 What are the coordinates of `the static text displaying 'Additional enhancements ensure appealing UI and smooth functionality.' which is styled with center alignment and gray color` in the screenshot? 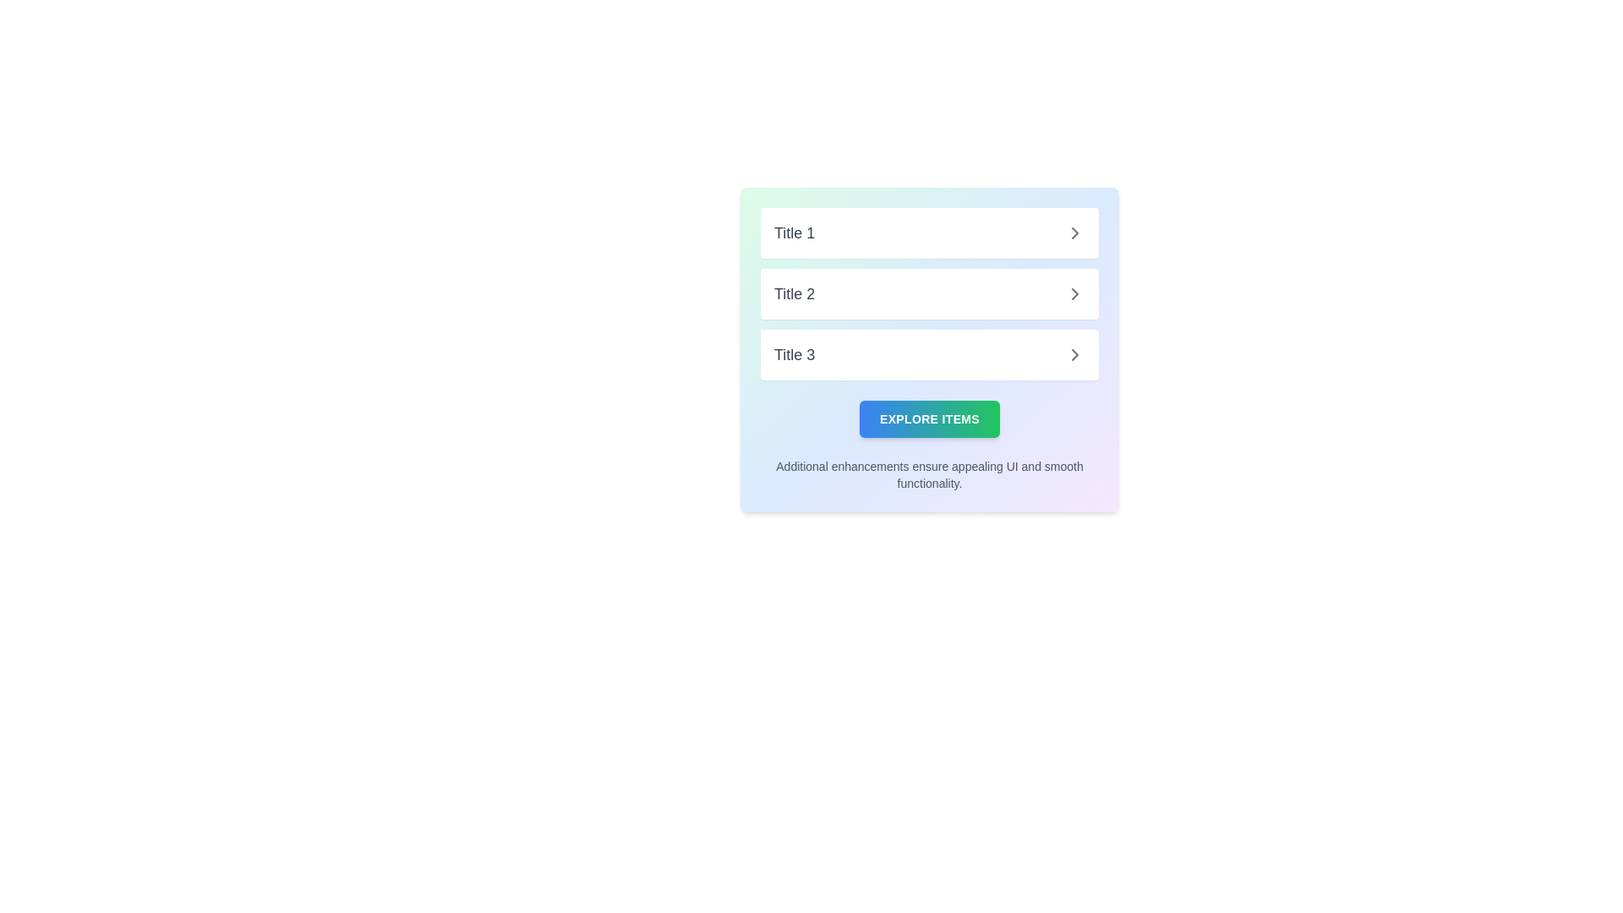 It's located at (928, 475).